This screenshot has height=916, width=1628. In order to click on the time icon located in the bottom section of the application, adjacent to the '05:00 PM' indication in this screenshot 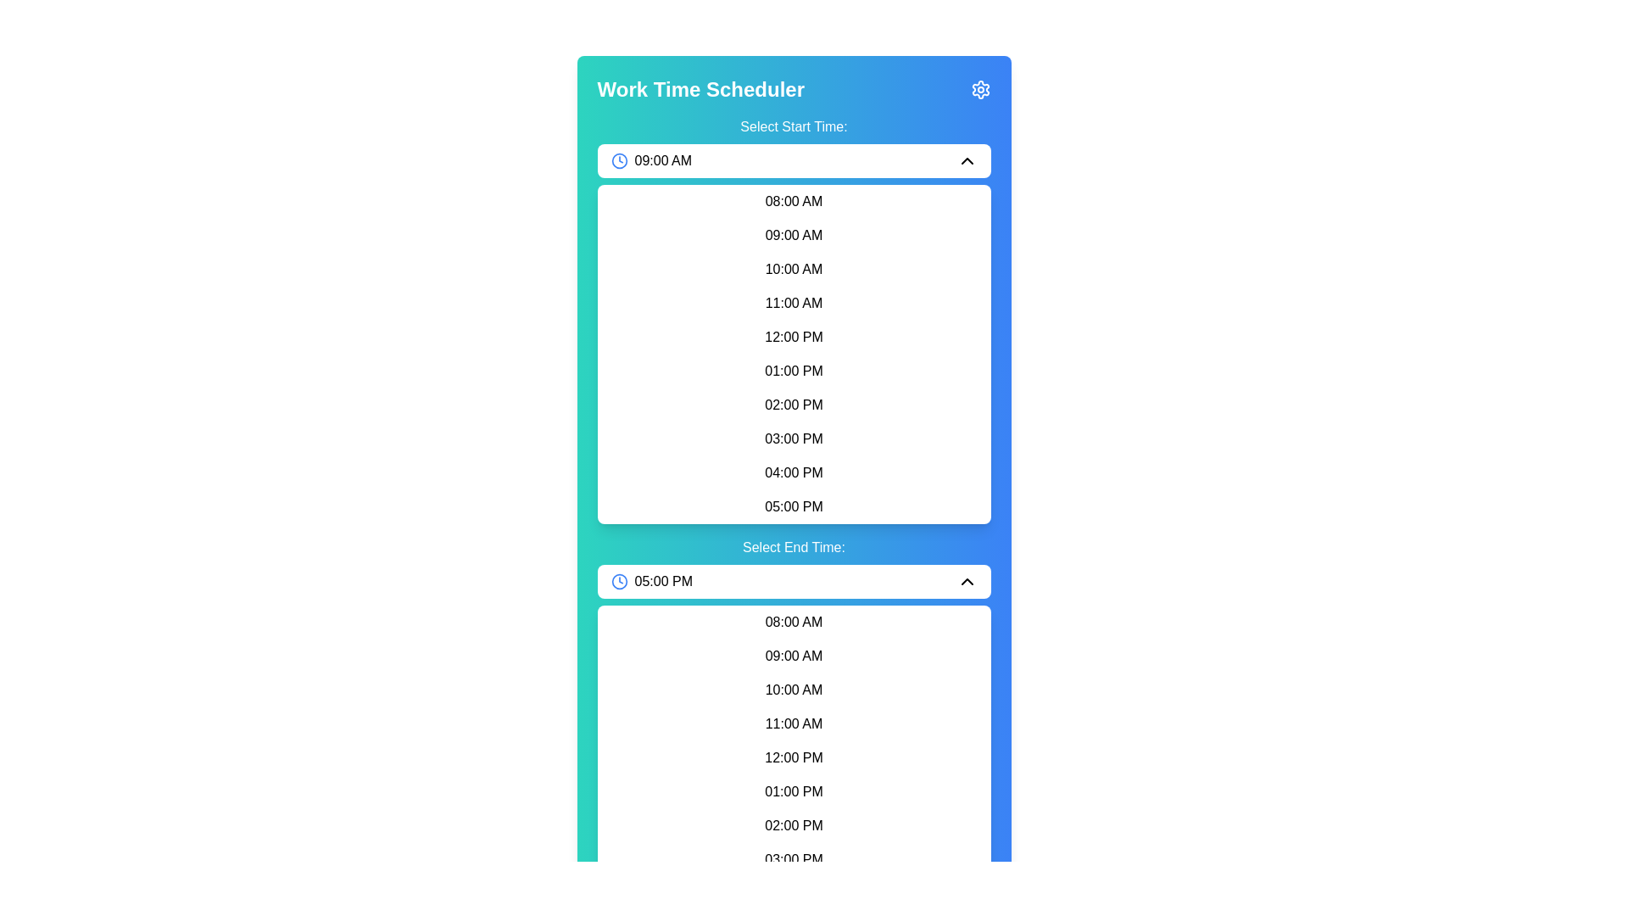, I will do `click(618, 581)`.